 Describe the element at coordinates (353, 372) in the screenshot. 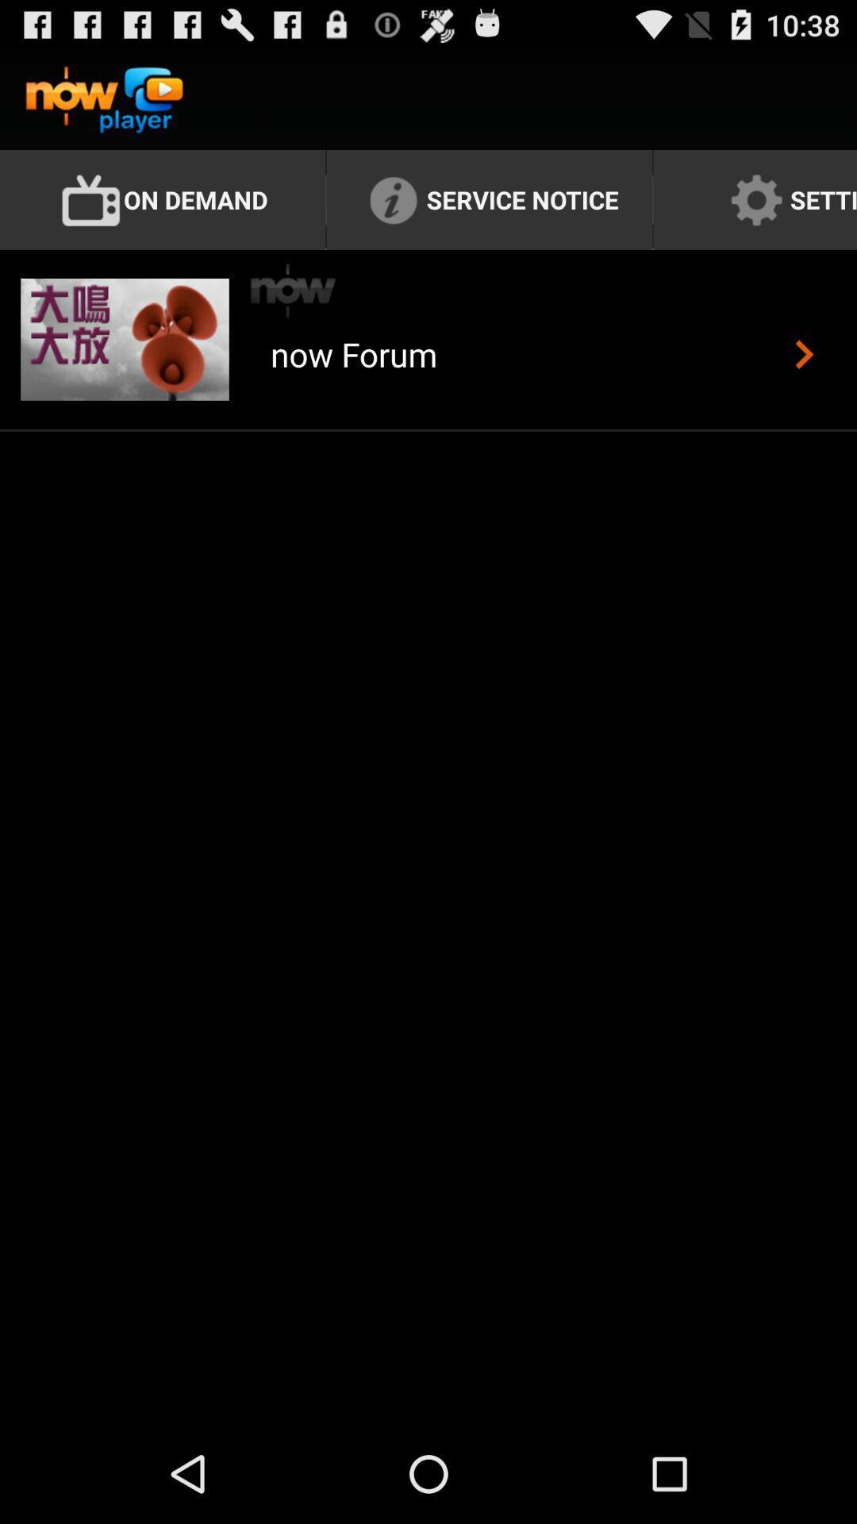

I see `now forum icon` at that location.